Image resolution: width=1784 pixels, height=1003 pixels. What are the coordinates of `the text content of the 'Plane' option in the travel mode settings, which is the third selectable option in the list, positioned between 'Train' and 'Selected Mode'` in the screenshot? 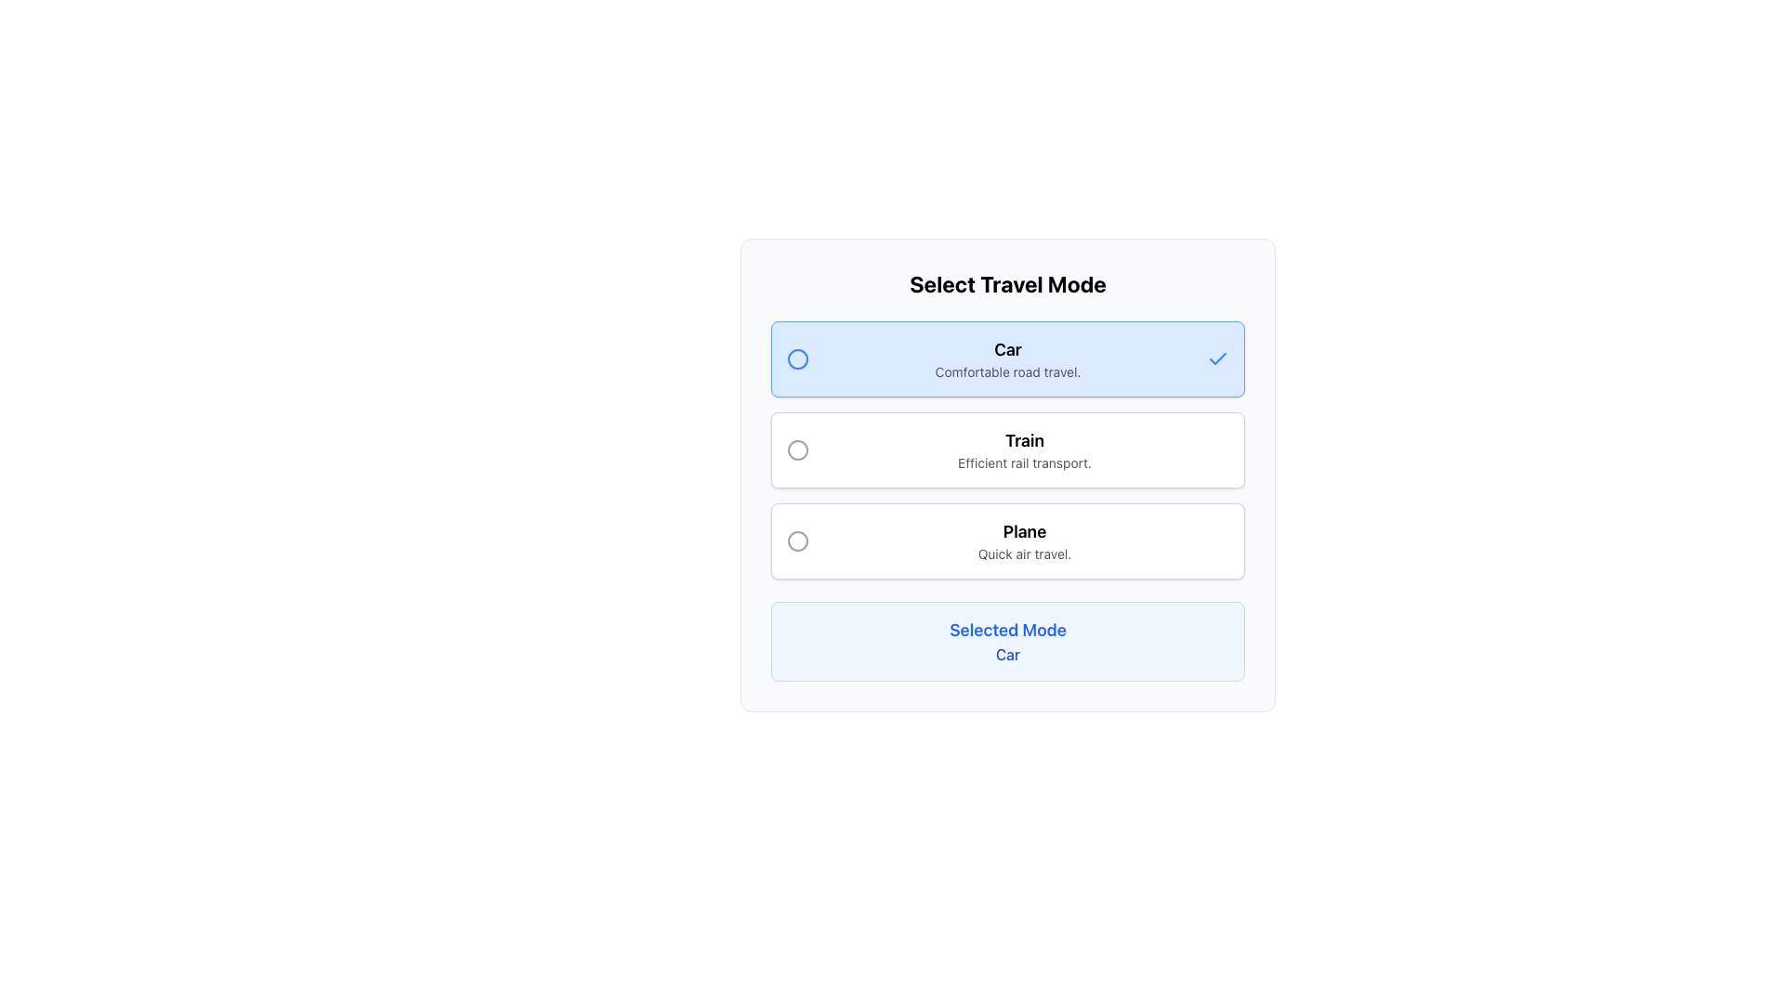 It's located at (1024, 532).